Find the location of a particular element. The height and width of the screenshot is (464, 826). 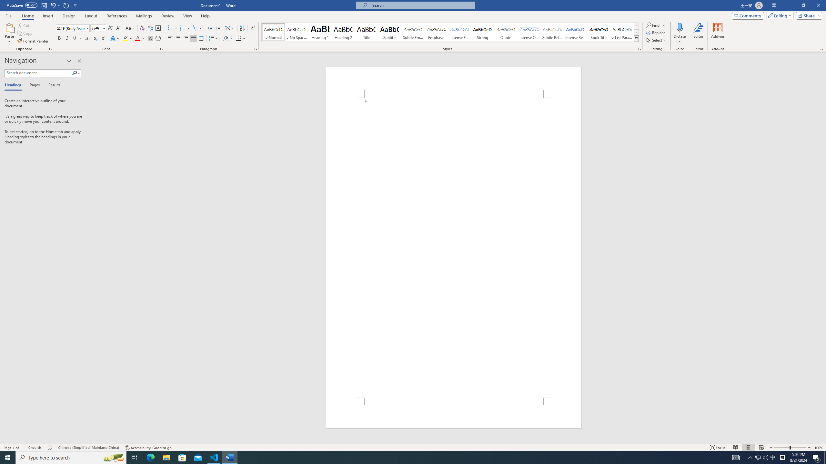

'Quote' is located at coordinates (506, 32).